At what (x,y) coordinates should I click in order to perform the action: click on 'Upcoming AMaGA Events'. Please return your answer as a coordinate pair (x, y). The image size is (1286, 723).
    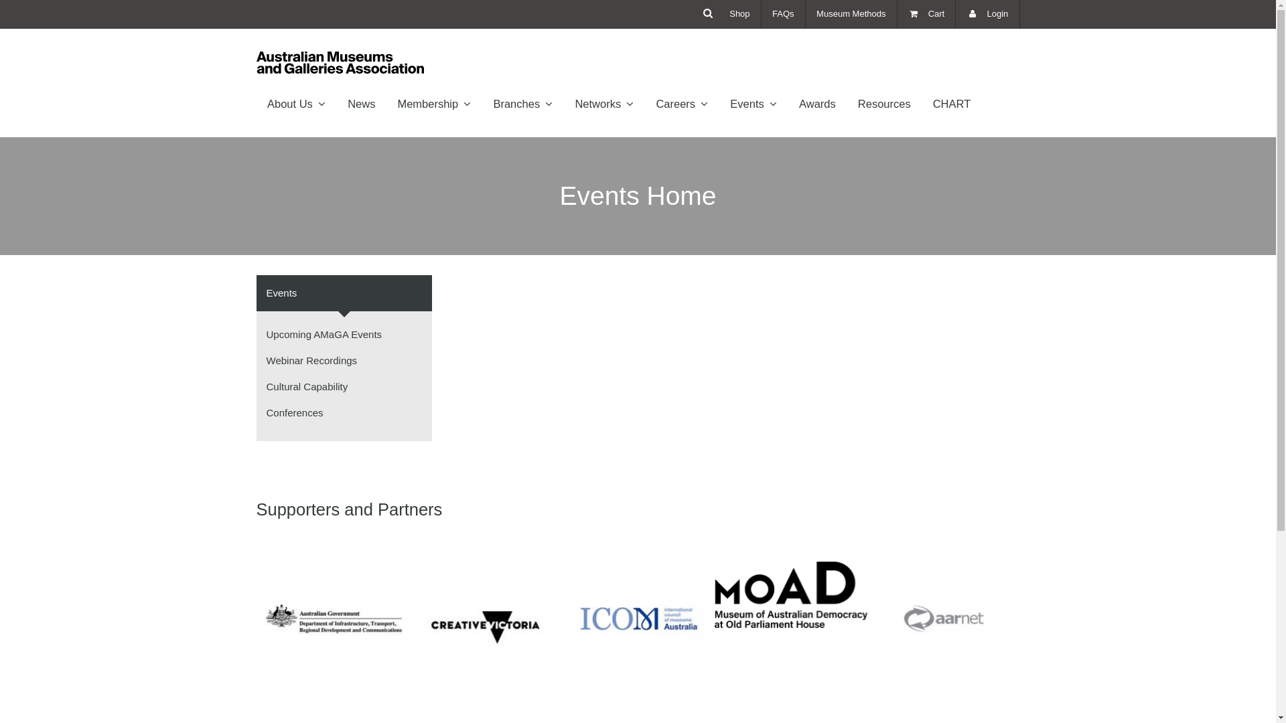
    Looking at the image, I should click on (324, 333).